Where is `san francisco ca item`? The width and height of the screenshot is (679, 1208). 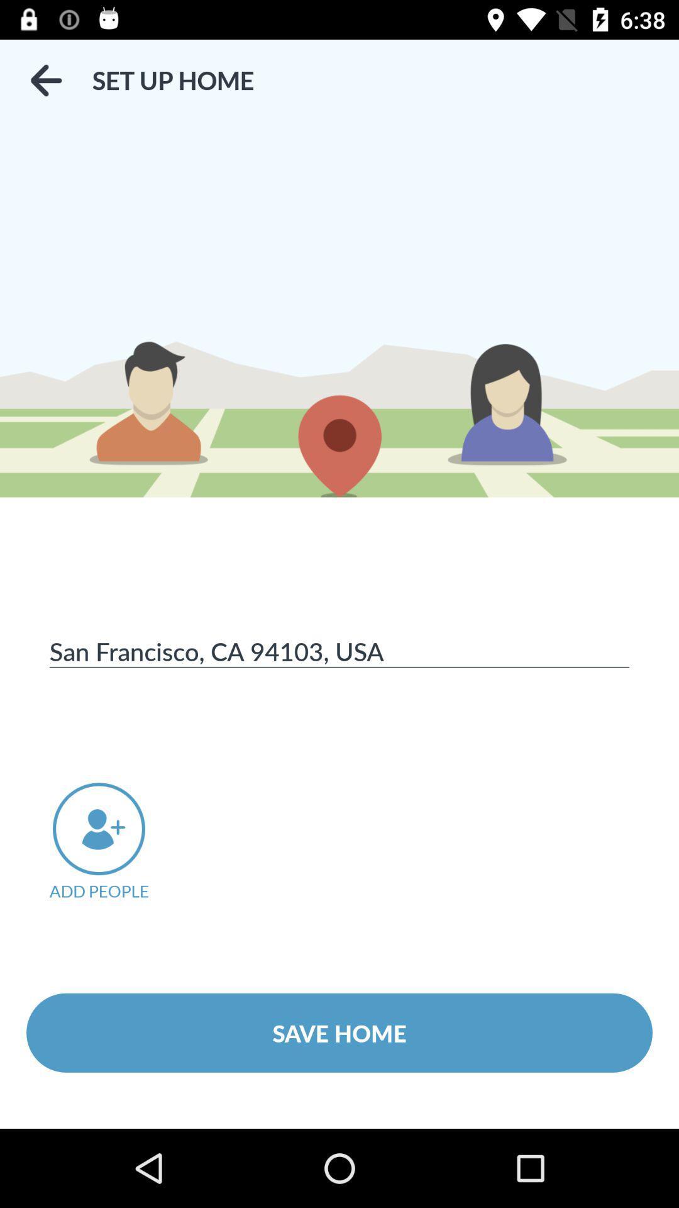
san francisco ca item is located at coordinates (339, 651).